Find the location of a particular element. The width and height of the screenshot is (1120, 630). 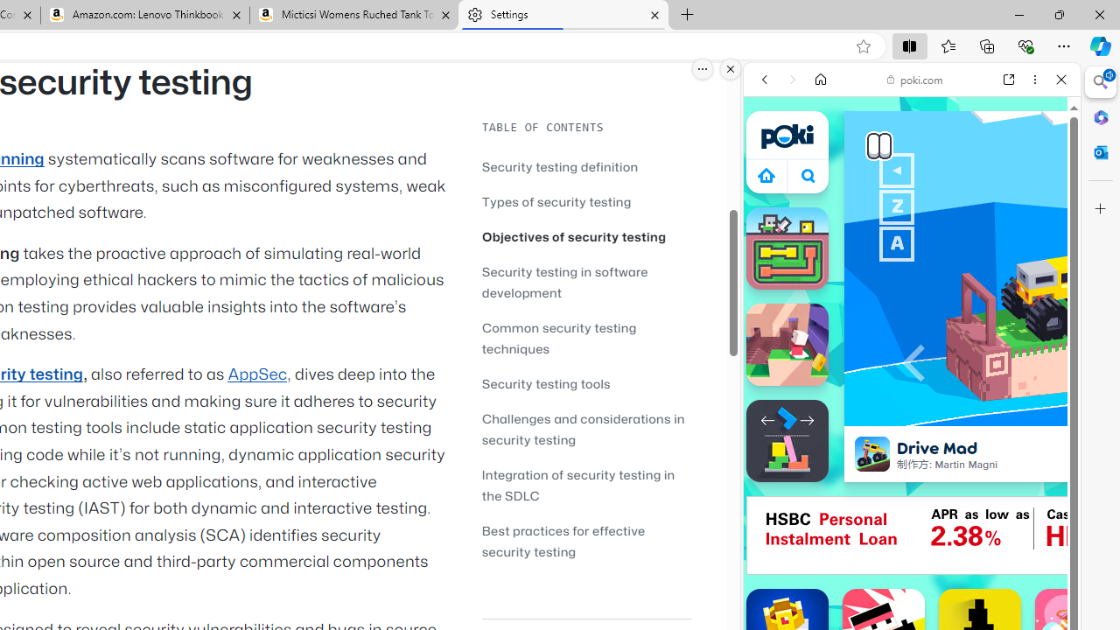

'Common security testing techniques' is located at coordinates (558, 338).